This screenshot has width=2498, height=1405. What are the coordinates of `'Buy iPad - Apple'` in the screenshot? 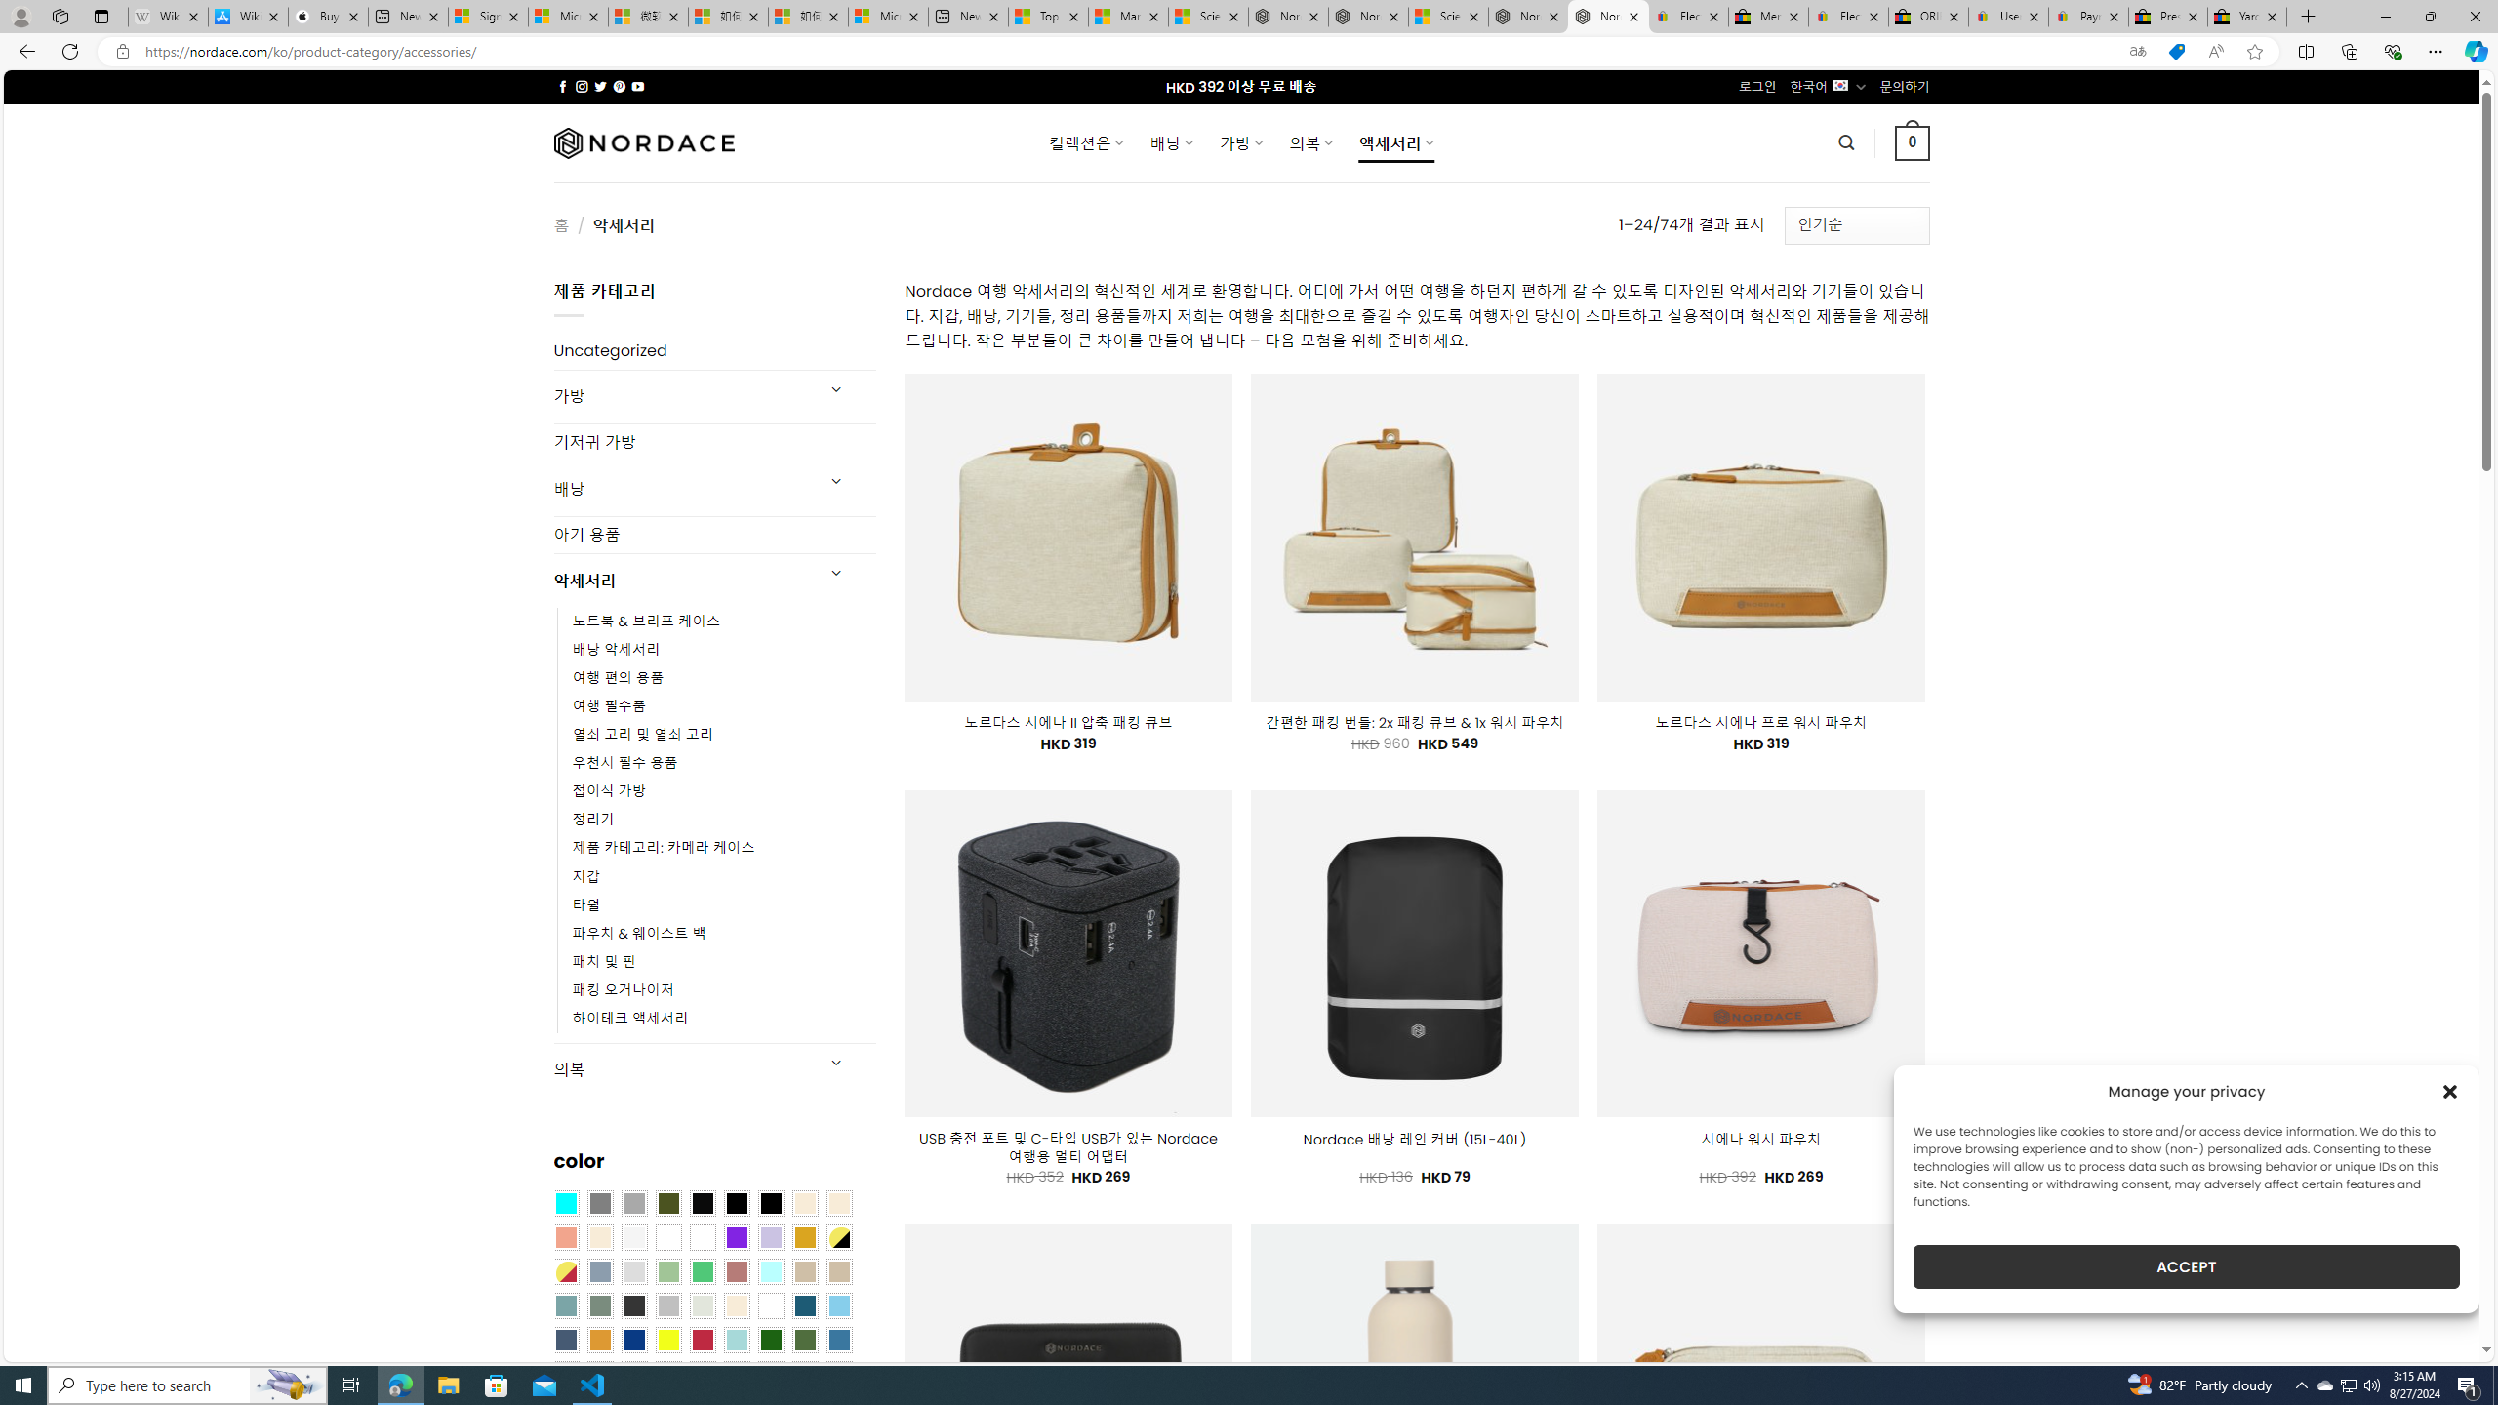 It's located at (327, 16).